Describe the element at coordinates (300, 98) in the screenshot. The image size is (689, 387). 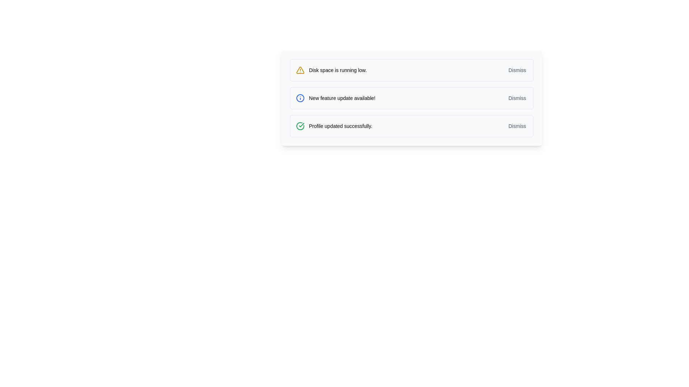
I see `the circular blue outlined icon with a blue dot at its center, which symbolizes an information marker, located in the middle notification panel before the text 'New feature update available!'` at that location.